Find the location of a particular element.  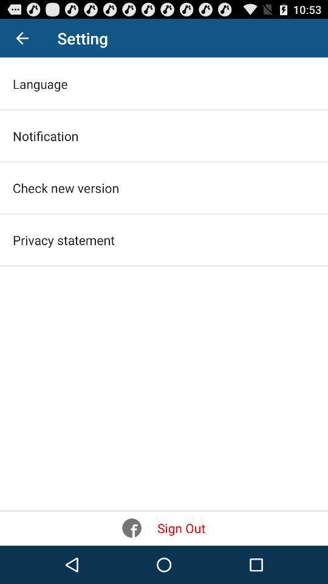

privacy statement icon is located at coordinates (63, 239).